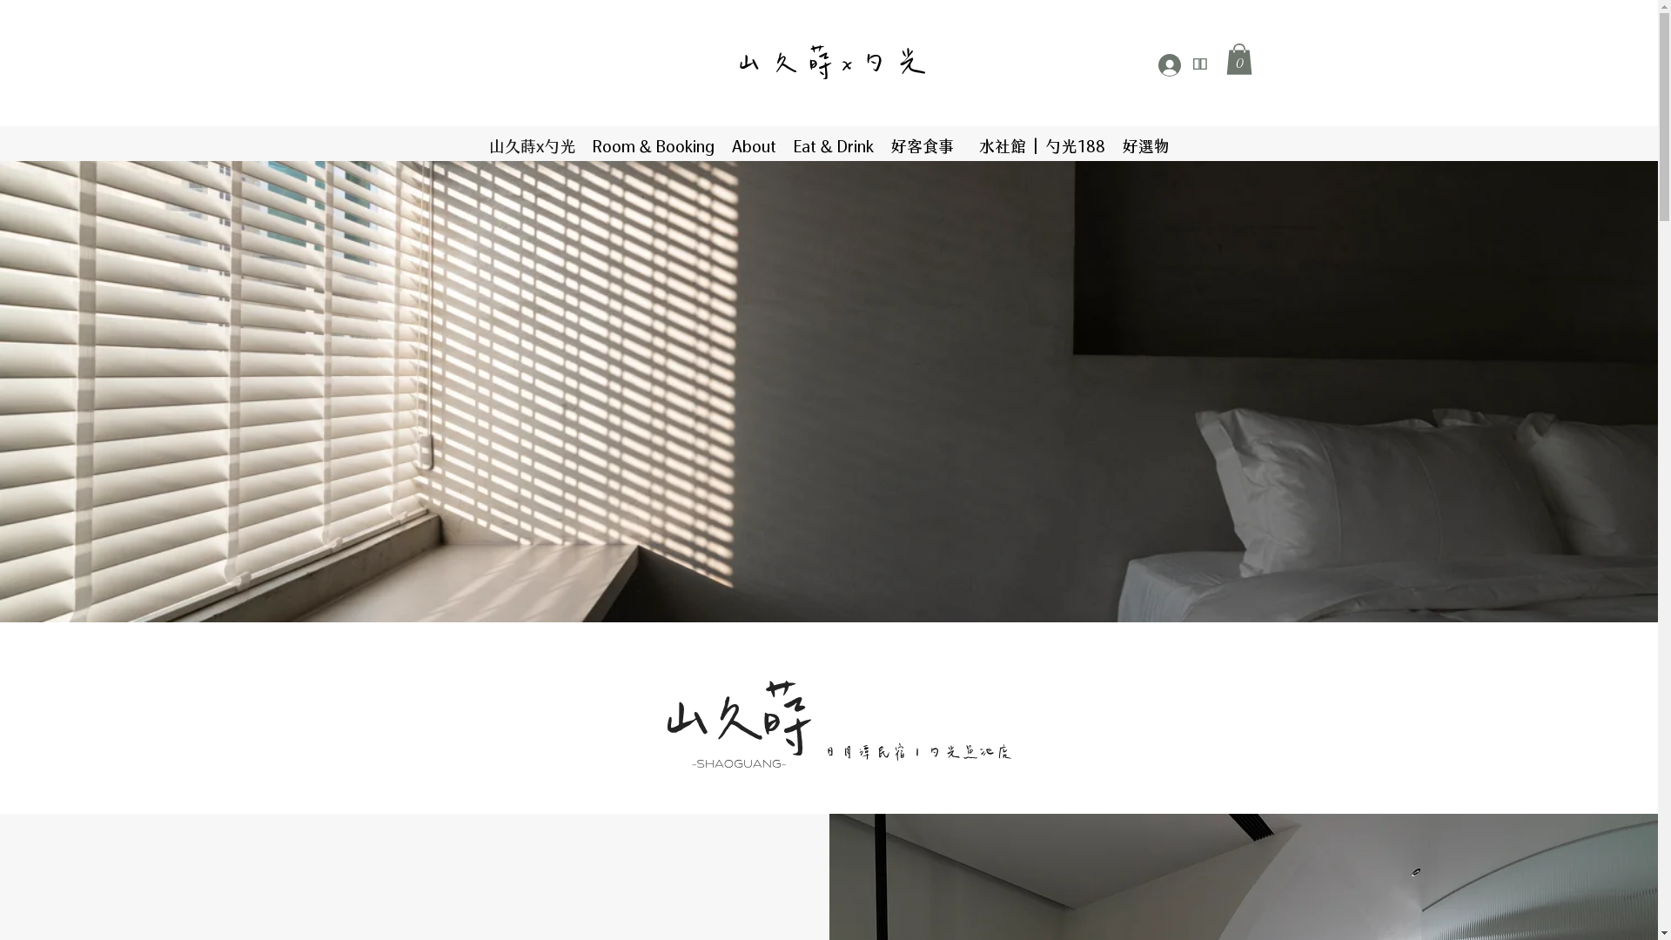  Describe the element at coordinates (1237, 58) in the screenshot. I see `'0'` at that location.